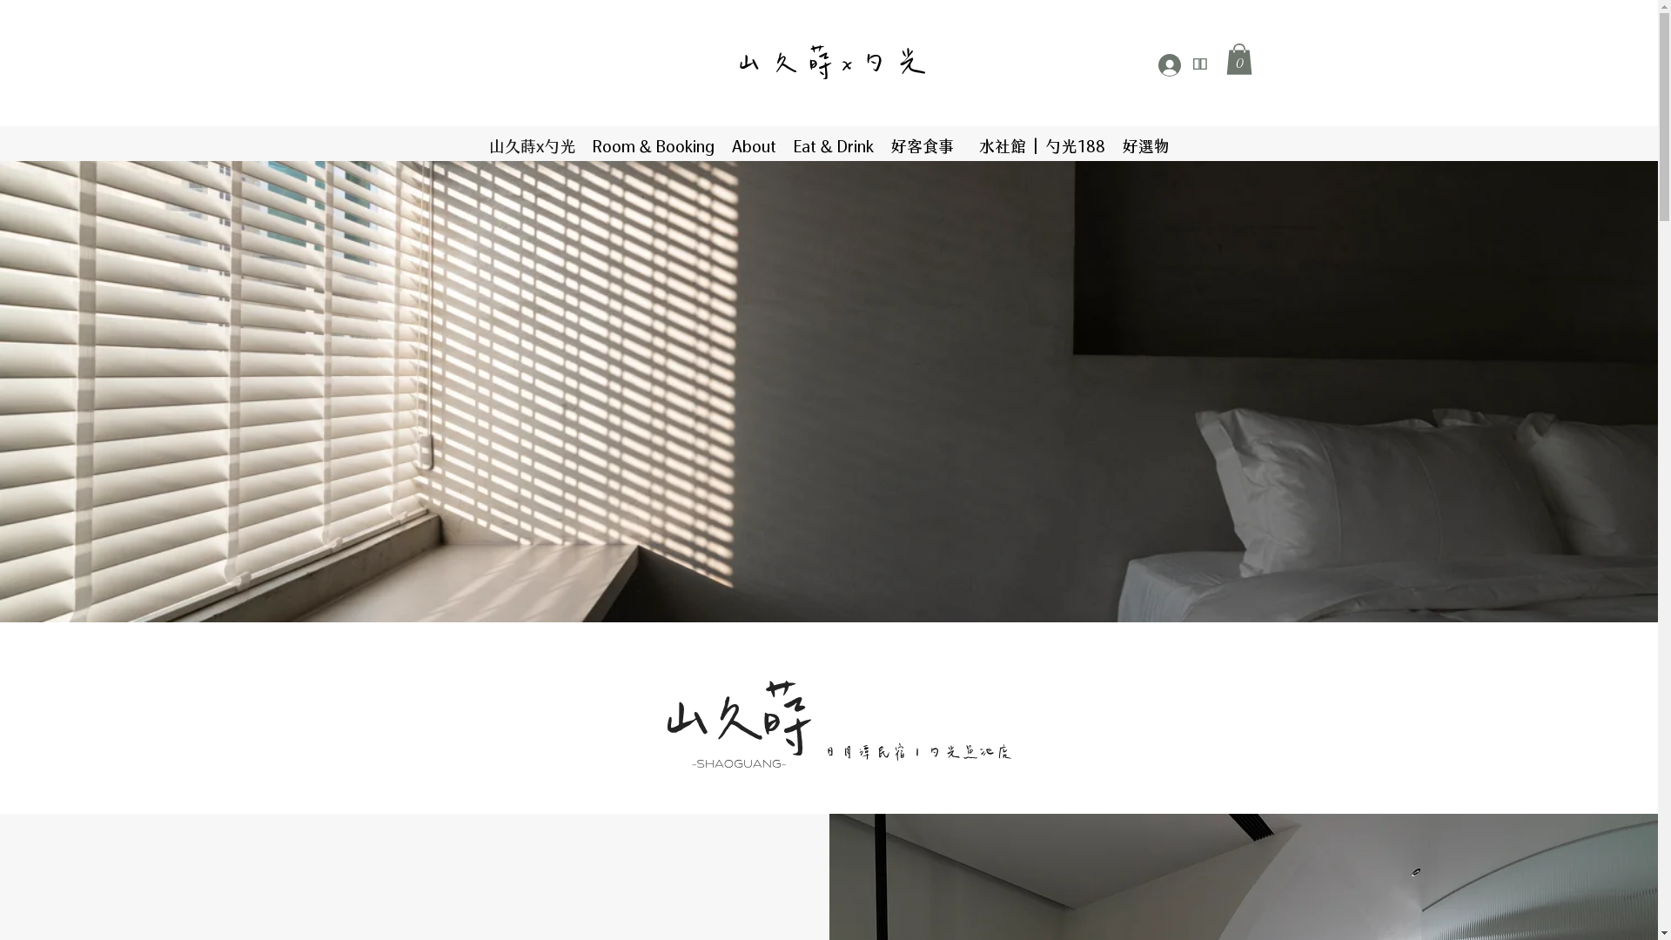  Describe the element at coordinates (1237, 58) in the screenshot. I see `'0'` at that location.